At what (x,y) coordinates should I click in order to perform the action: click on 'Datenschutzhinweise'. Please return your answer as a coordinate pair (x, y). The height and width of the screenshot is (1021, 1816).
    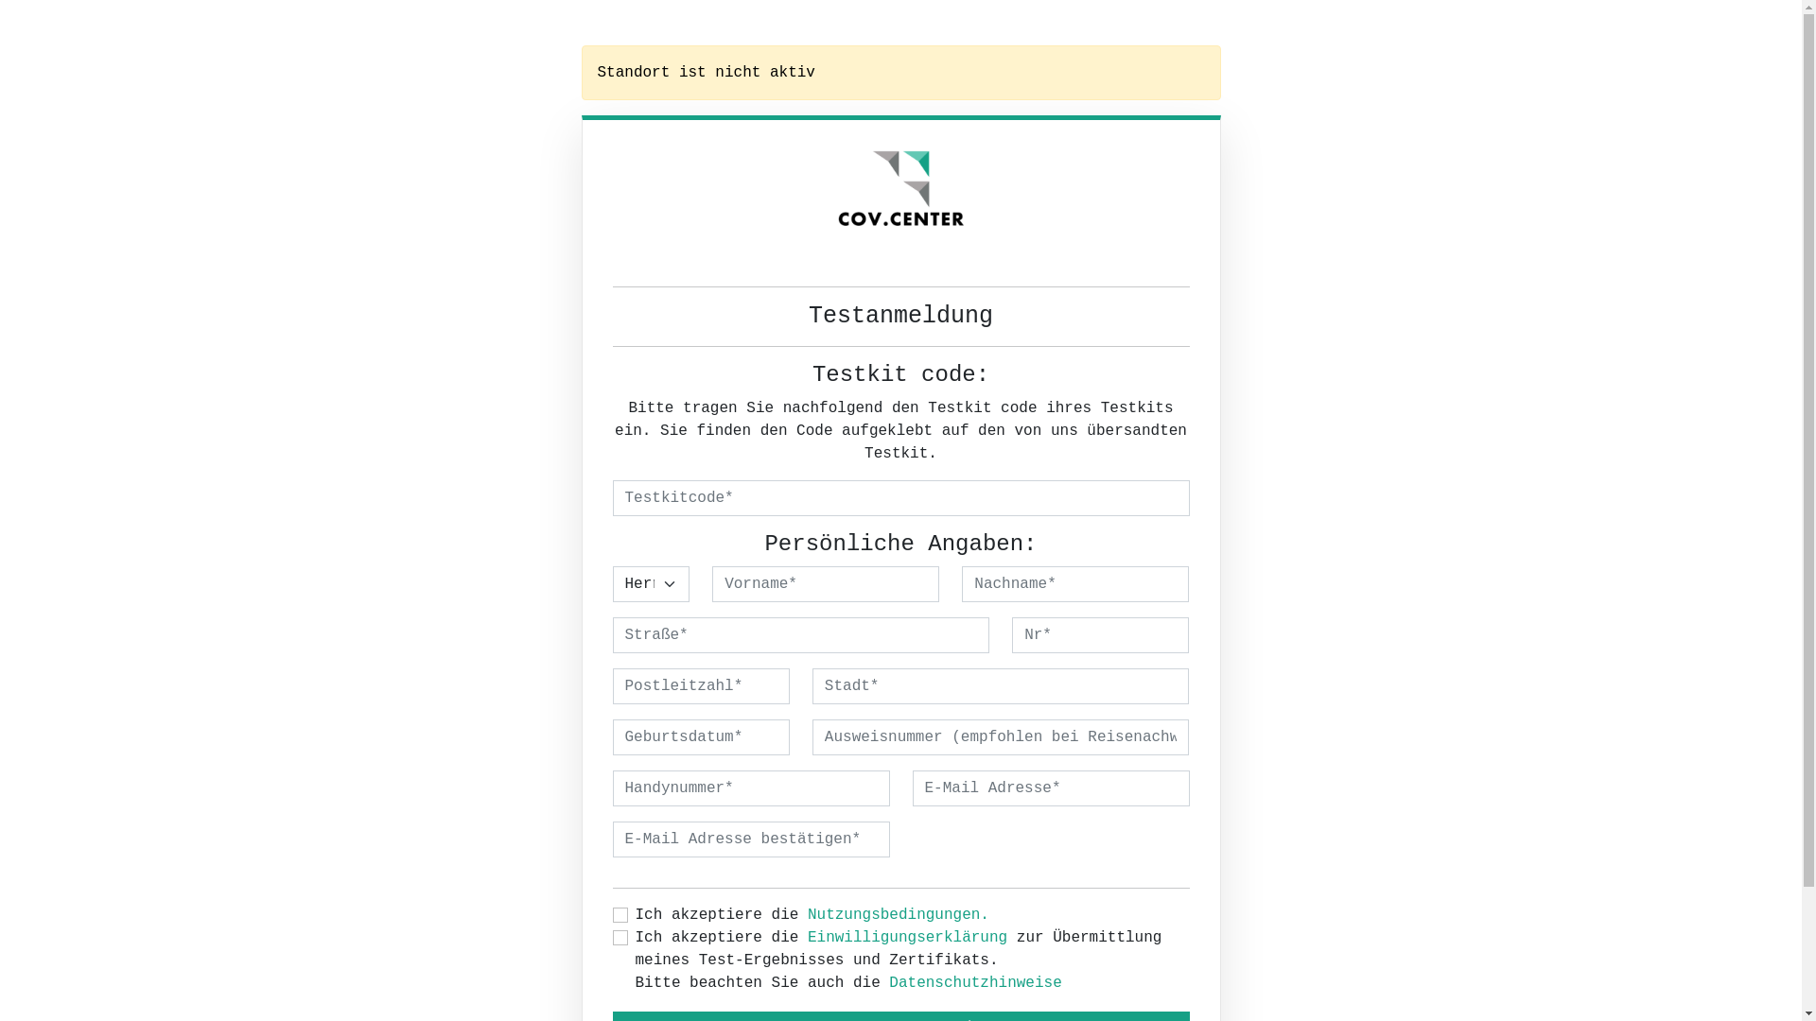
    Looking at the image, I should click on (975, 982).